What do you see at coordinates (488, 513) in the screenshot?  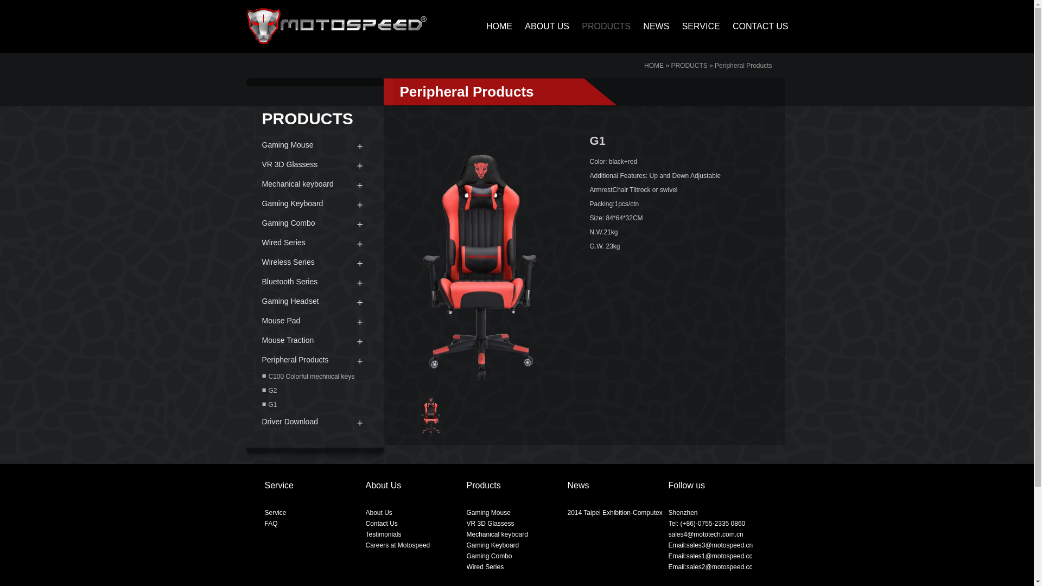 I see `'Gaming Mouse'` at bounding box center [488, 513].